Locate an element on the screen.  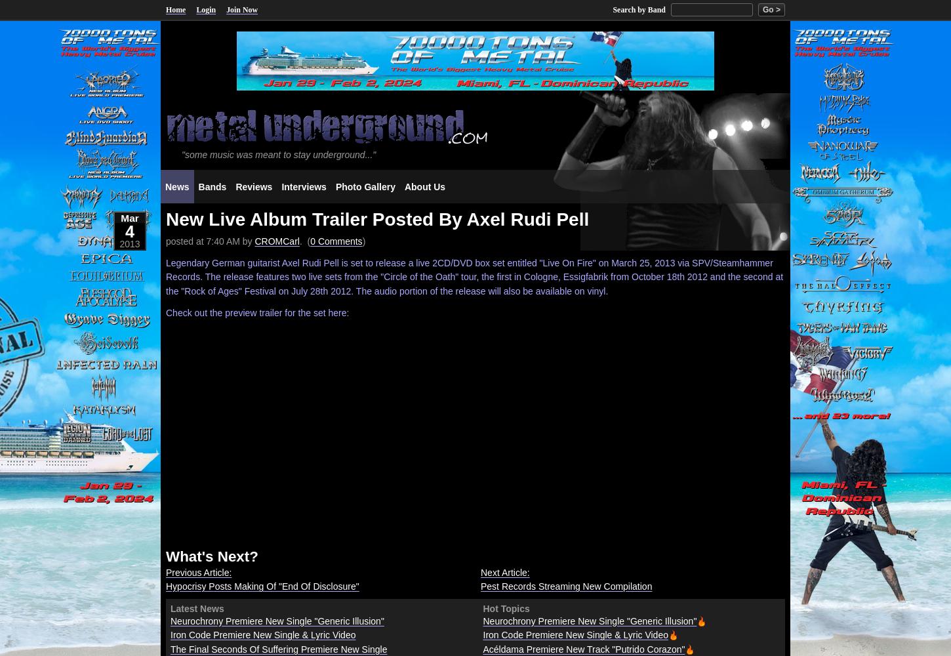
'Legendary German guitarist Axel Rudi Pell is set to release a live 2CD/DVD box set entitled "Live On Fire" on March 25, 2013 via SPV/Steamhammer Records. The release features two live sets from the "Circle of the Oath" tour, the first in Cologne, Essigfabrik from October 18th 2012 and the second at the "Rock of Ages" Festival on July 28th 2012. The audio portion of the release will also be available on vinyl.' is located at coordinates (474, 276).